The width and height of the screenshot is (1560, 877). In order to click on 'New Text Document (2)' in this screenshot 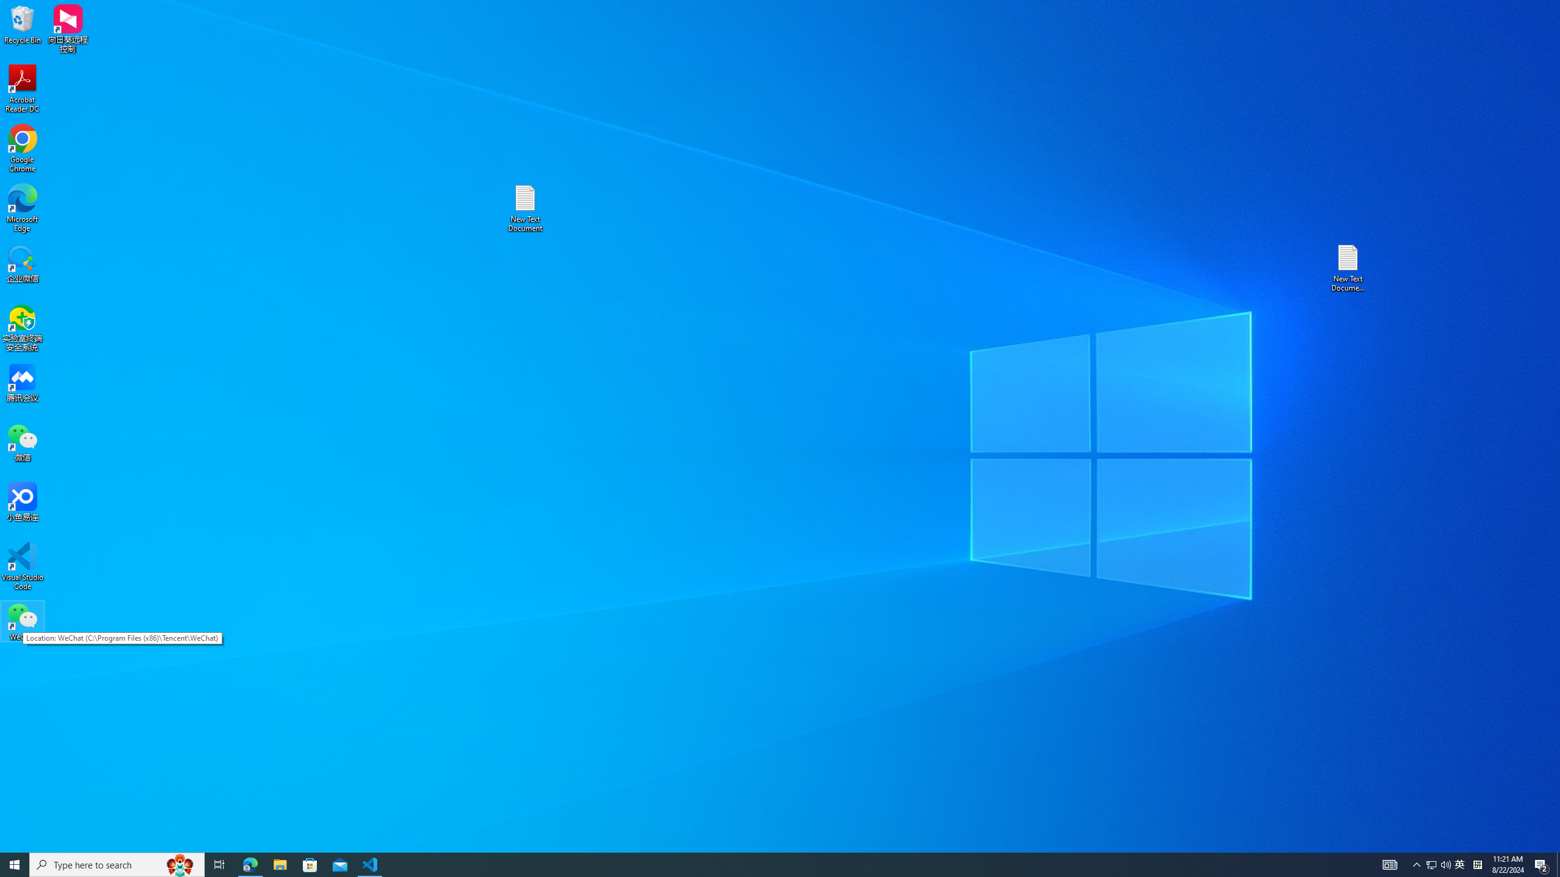, I will do `click(1349, 267)`.